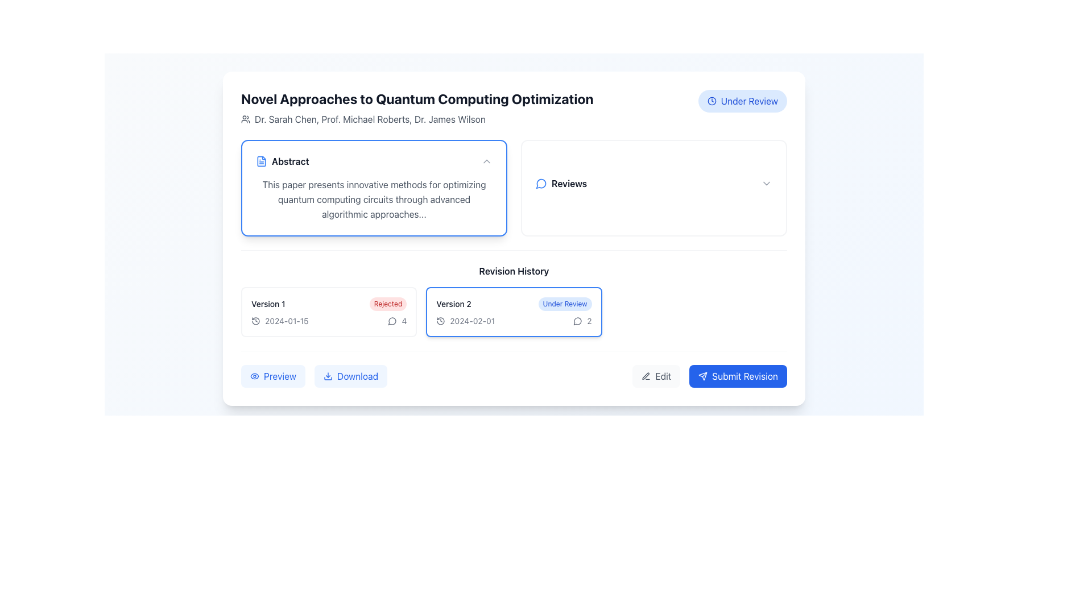 Image resolution: width=1092 pixels, height=614 pixels. What do you see at coordinates (392, 321) in the screenshot?
I see `the speech or chat bubble icon located` at bounding box center [392, 321].